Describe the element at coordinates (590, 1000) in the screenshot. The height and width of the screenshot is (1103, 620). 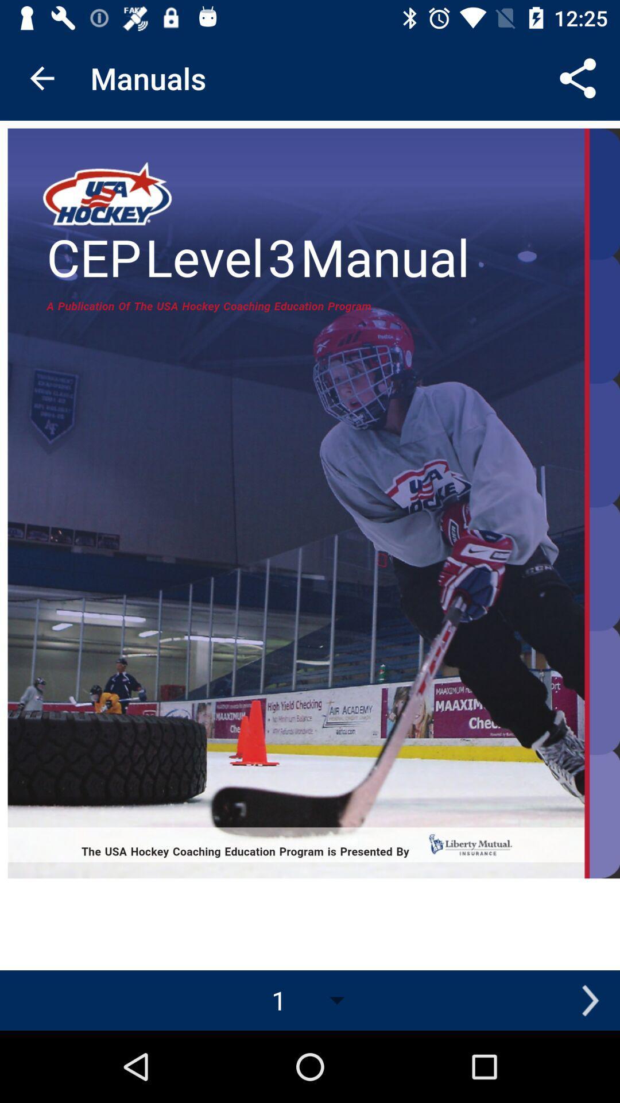
I see `next page` at that location.